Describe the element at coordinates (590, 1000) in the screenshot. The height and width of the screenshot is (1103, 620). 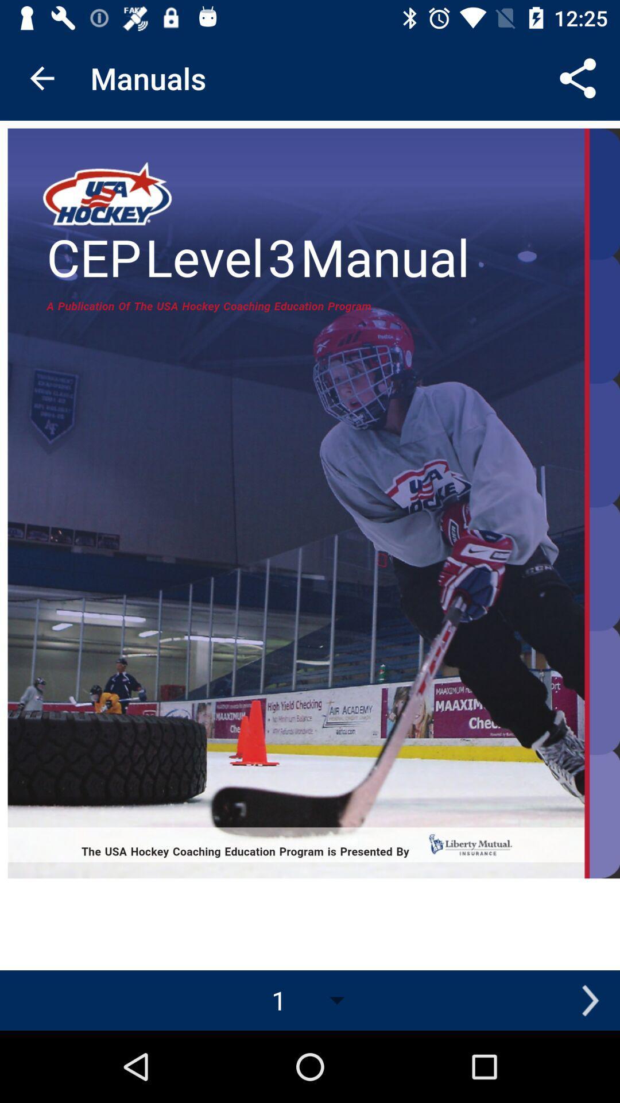
I see `next page` at that location.